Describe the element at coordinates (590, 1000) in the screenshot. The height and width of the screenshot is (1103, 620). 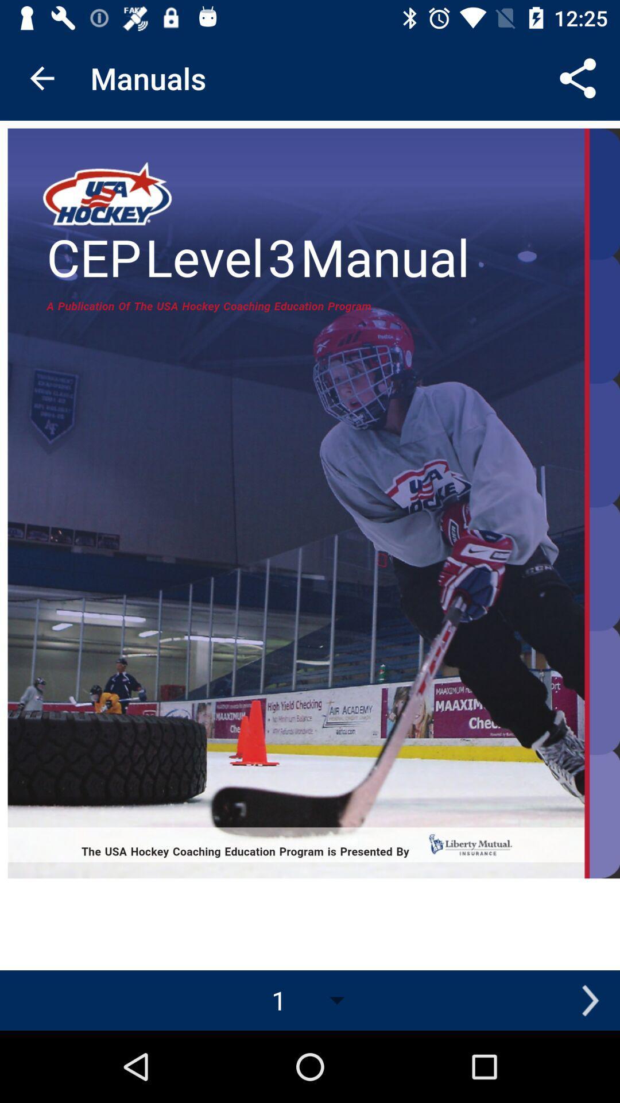
I see `next page` at that location.